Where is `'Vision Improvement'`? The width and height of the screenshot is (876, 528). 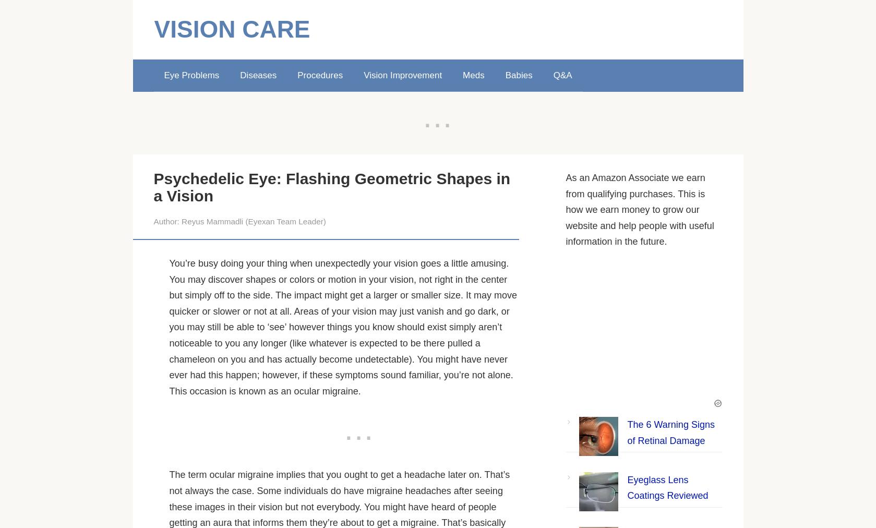
'Vision Improvement' is located at coordinates (403, 75).